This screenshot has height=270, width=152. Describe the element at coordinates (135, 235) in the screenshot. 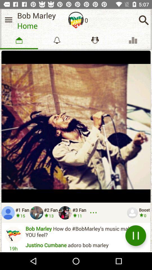

I see `pauses currently playing song` at that location.